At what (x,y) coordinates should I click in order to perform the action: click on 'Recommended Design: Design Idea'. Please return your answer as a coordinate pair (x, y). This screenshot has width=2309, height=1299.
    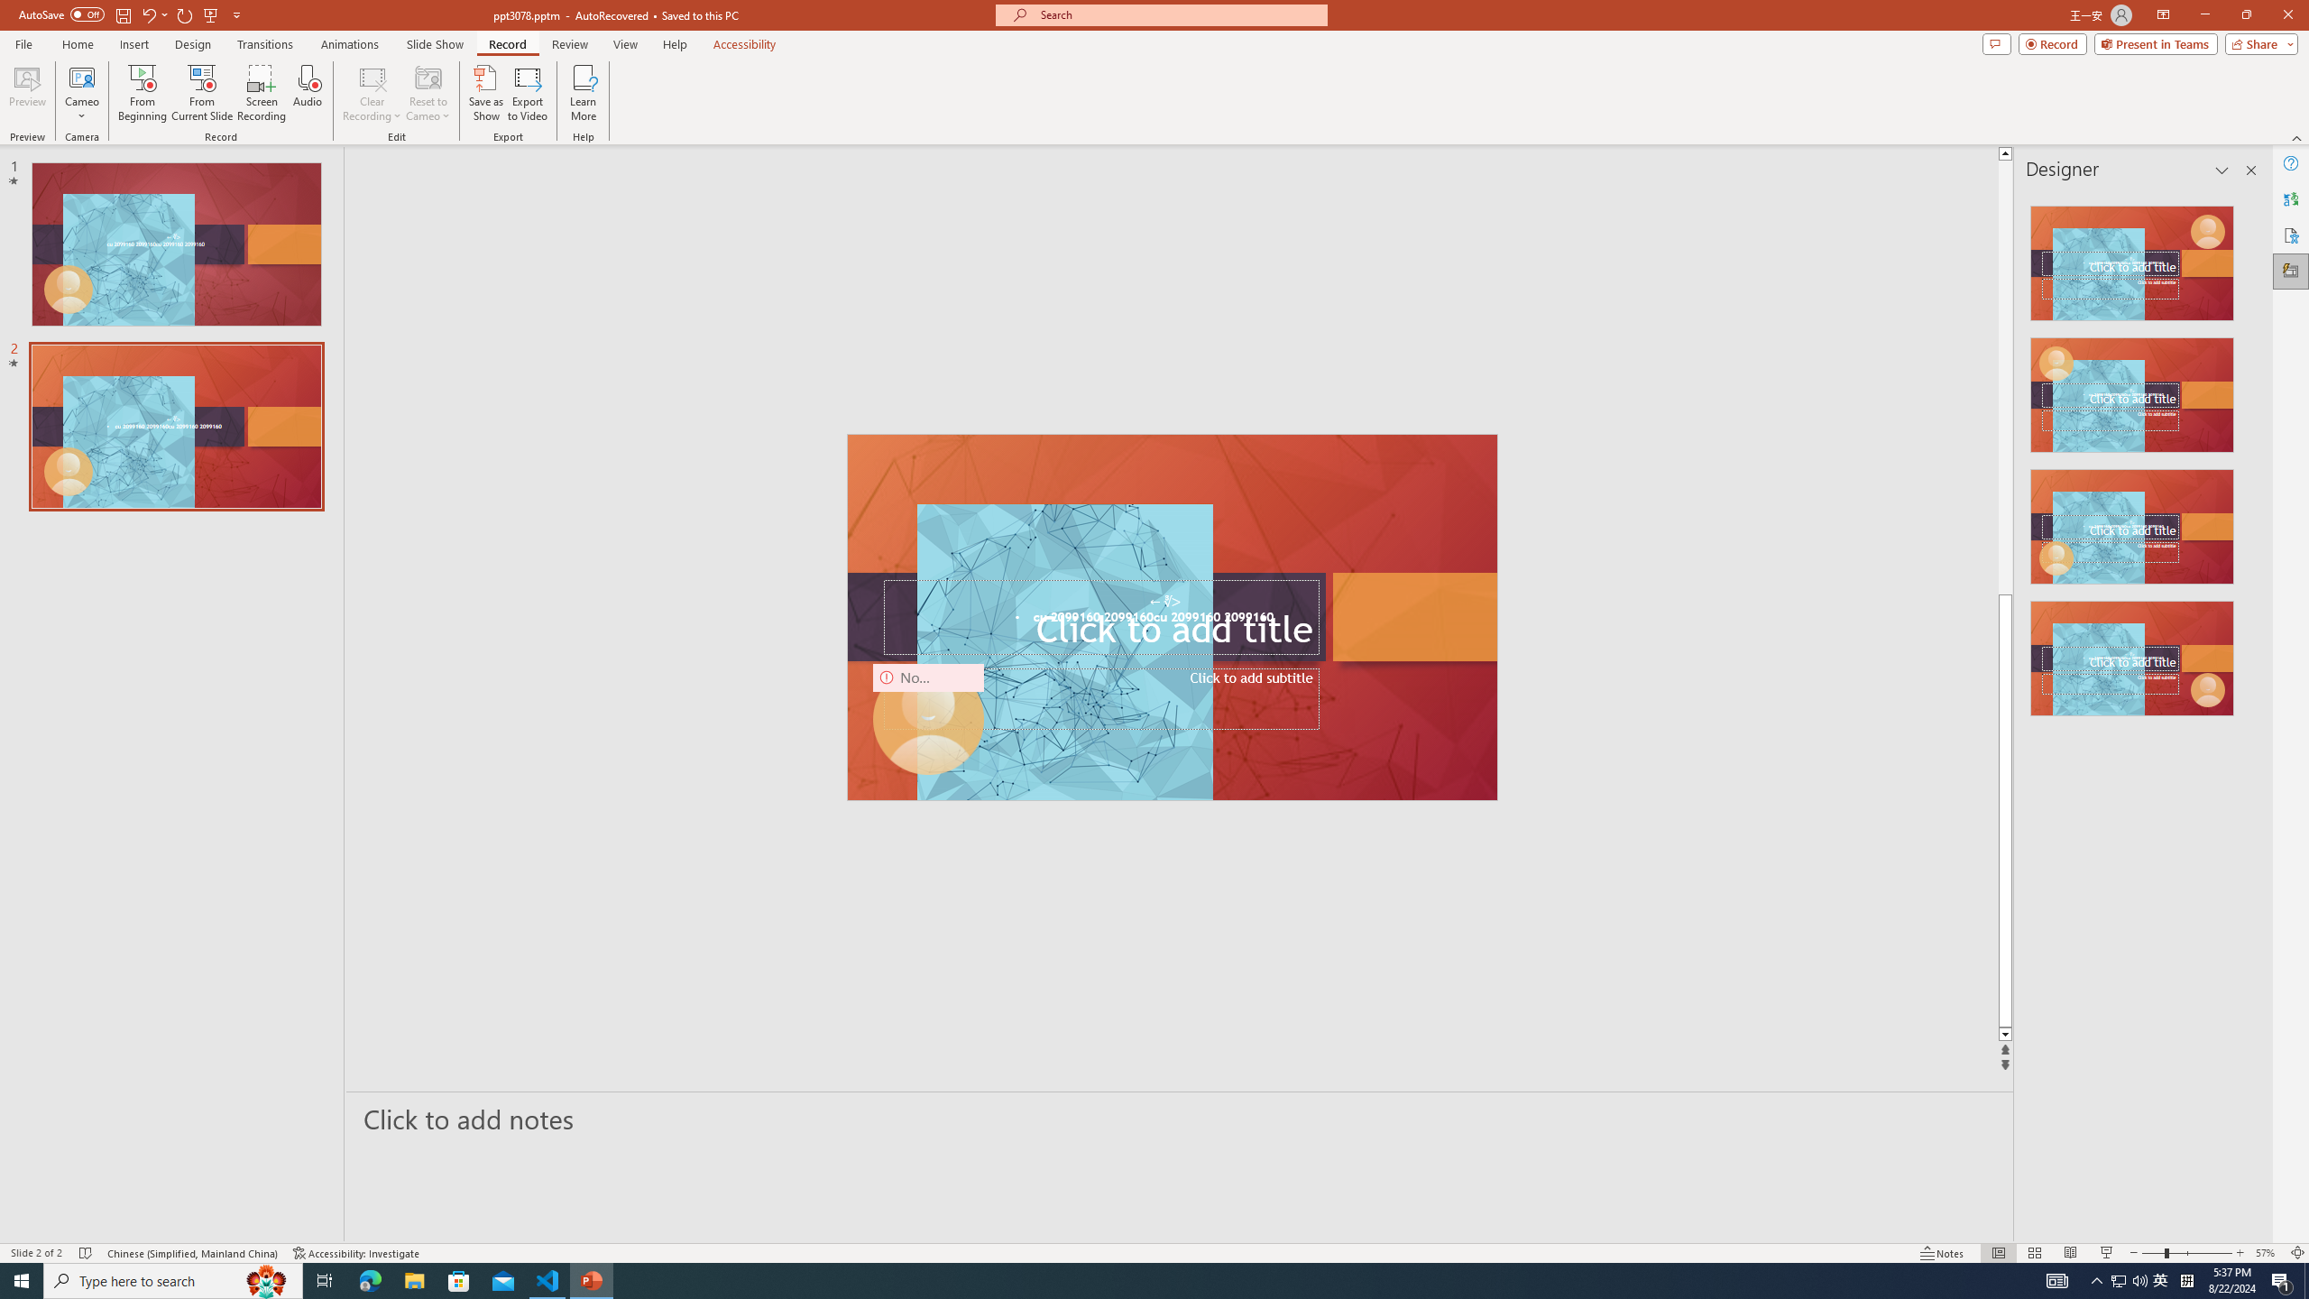
    Looking at the image, I should click on (2132, 256).